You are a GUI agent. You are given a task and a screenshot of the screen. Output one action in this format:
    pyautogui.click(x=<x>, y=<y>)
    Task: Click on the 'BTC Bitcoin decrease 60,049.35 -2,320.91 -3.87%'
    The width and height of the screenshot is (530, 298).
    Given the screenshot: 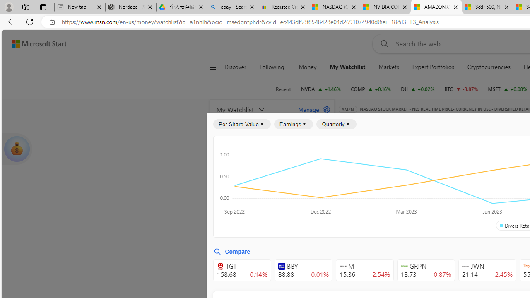 What is the action you would take?
    pyautogui.click(x=461, y=89)
    